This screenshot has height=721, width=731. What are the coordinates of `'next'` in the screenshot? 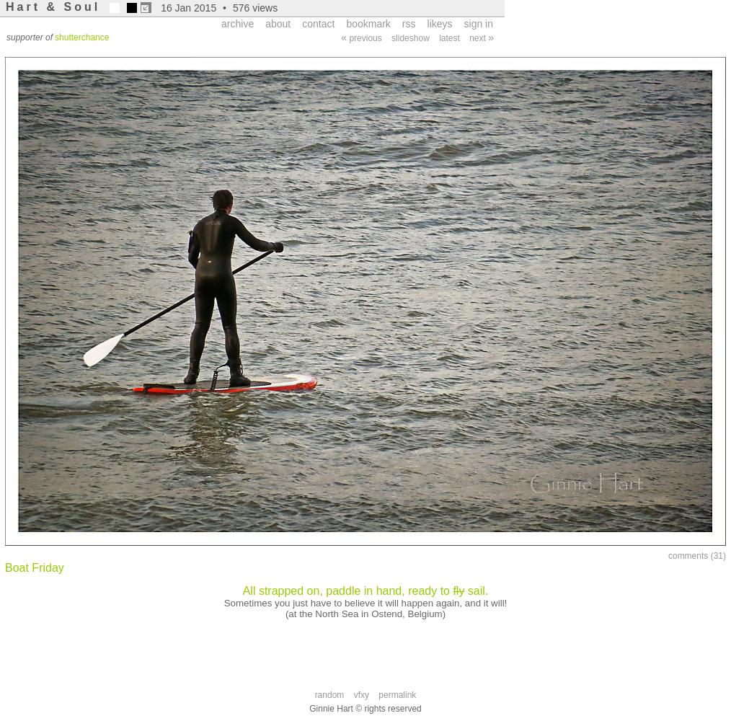 It's located at (478, 38).